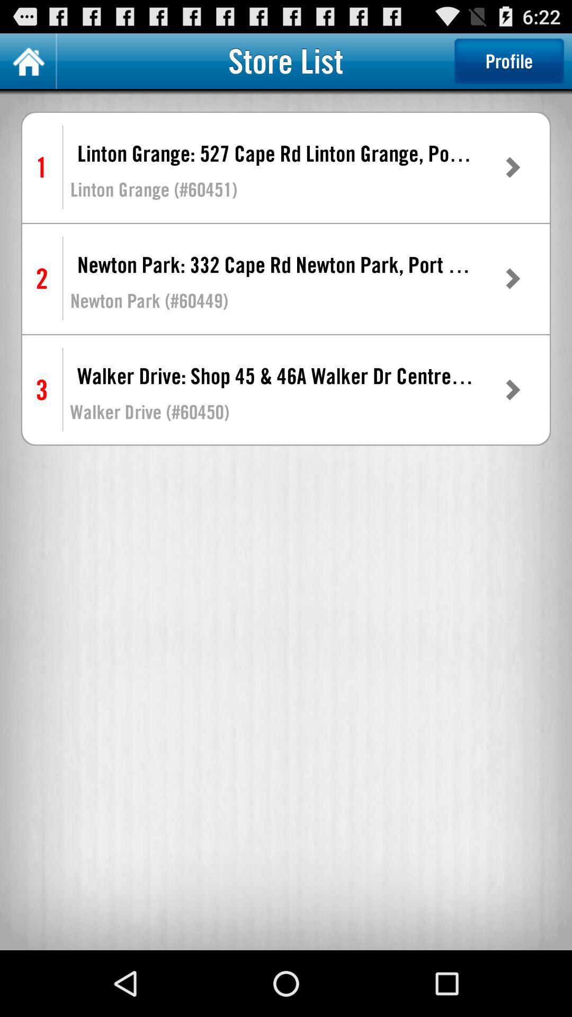 Image resolution: width=572 pixels, height=1017 pixels. Describe the element at coordinates (41, 389) in the screenshot. I see `the 3 item` at that location.